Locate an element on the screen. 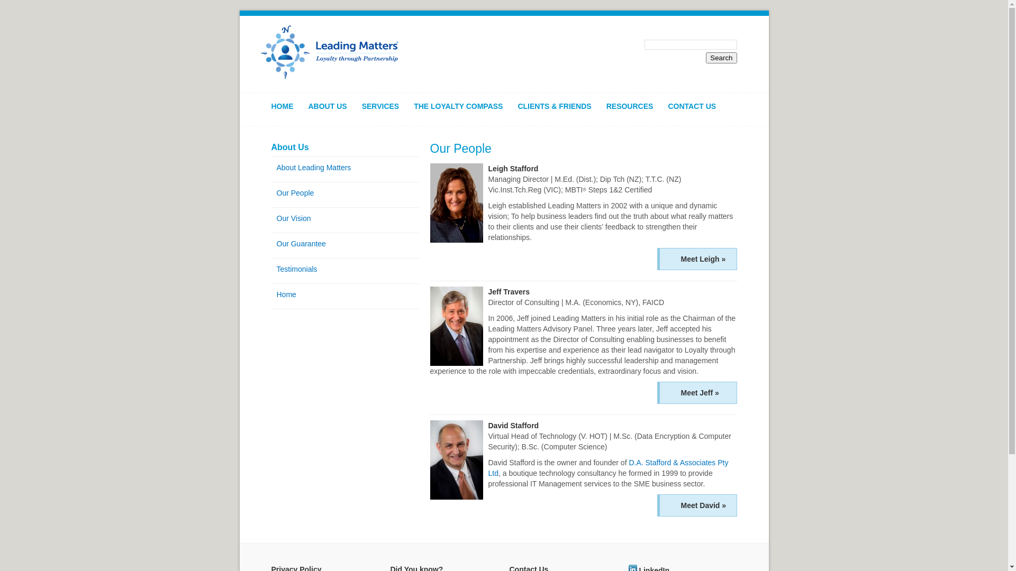  'Search' is located at coordinates (706, 58).